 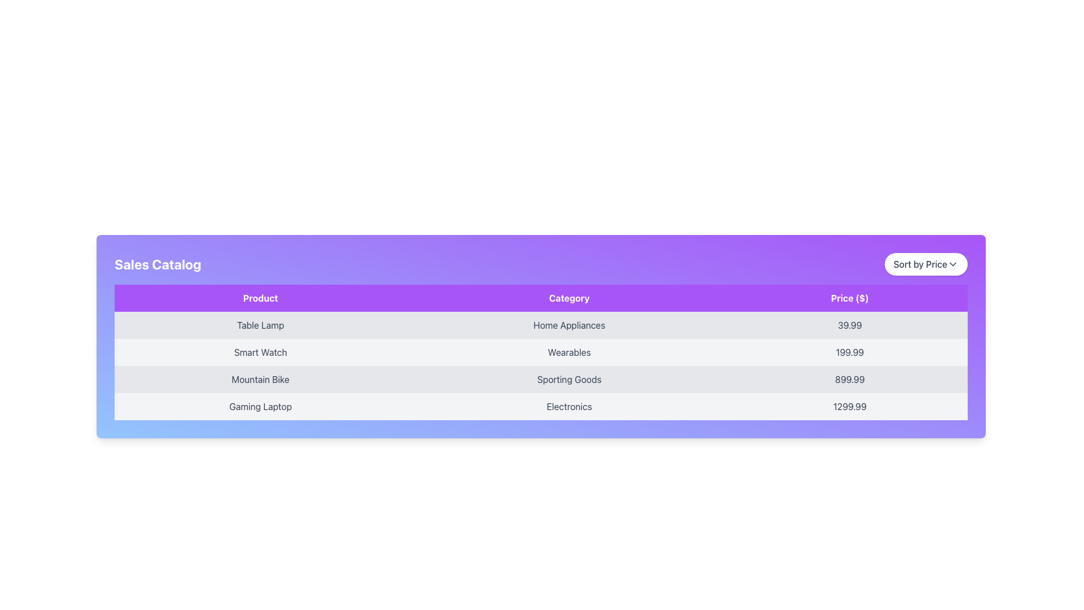 I want to click on the third row in the table that contains 'Mountain Bike', 'Sporting Goods', and '899.99', so click(x=540, y=379).